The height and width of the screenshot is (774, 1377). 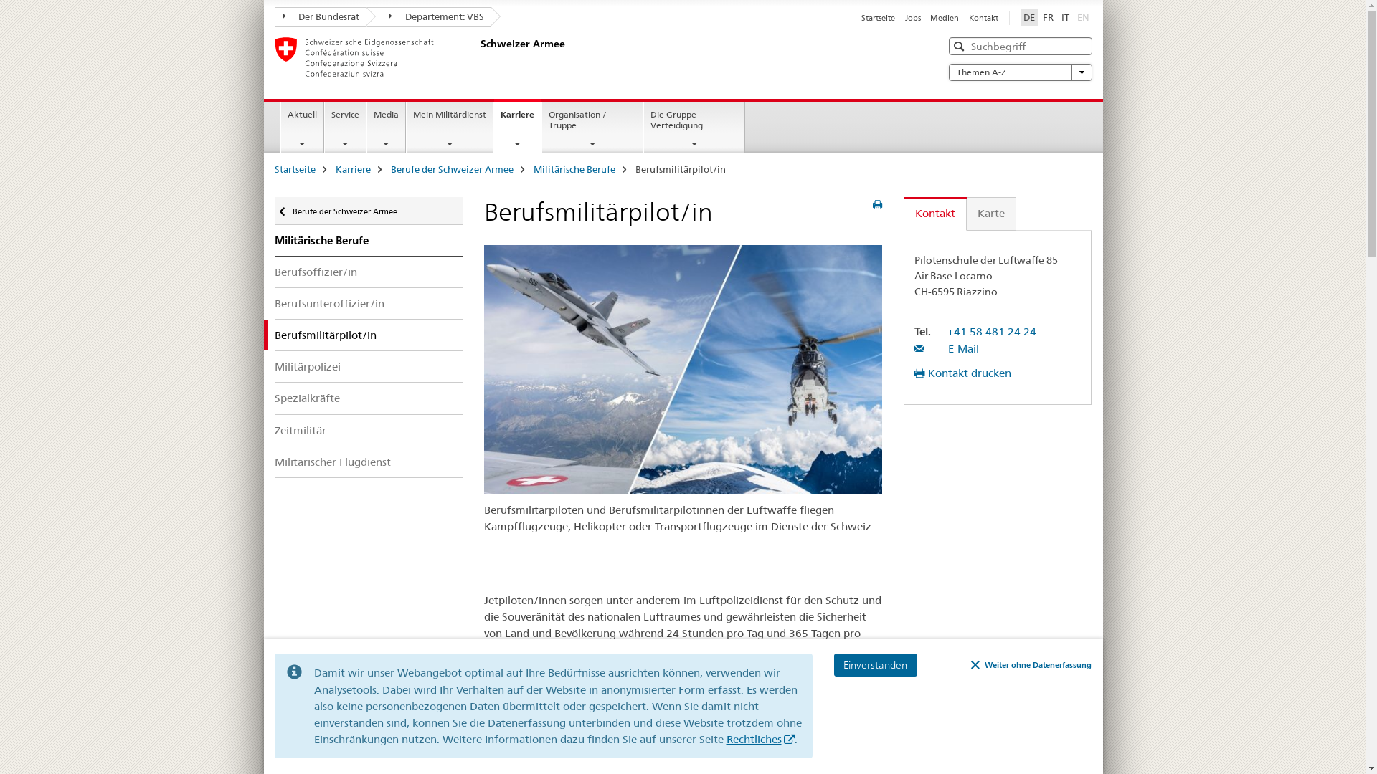 I want to click on 'Karriere, so click(x=516, y=125).